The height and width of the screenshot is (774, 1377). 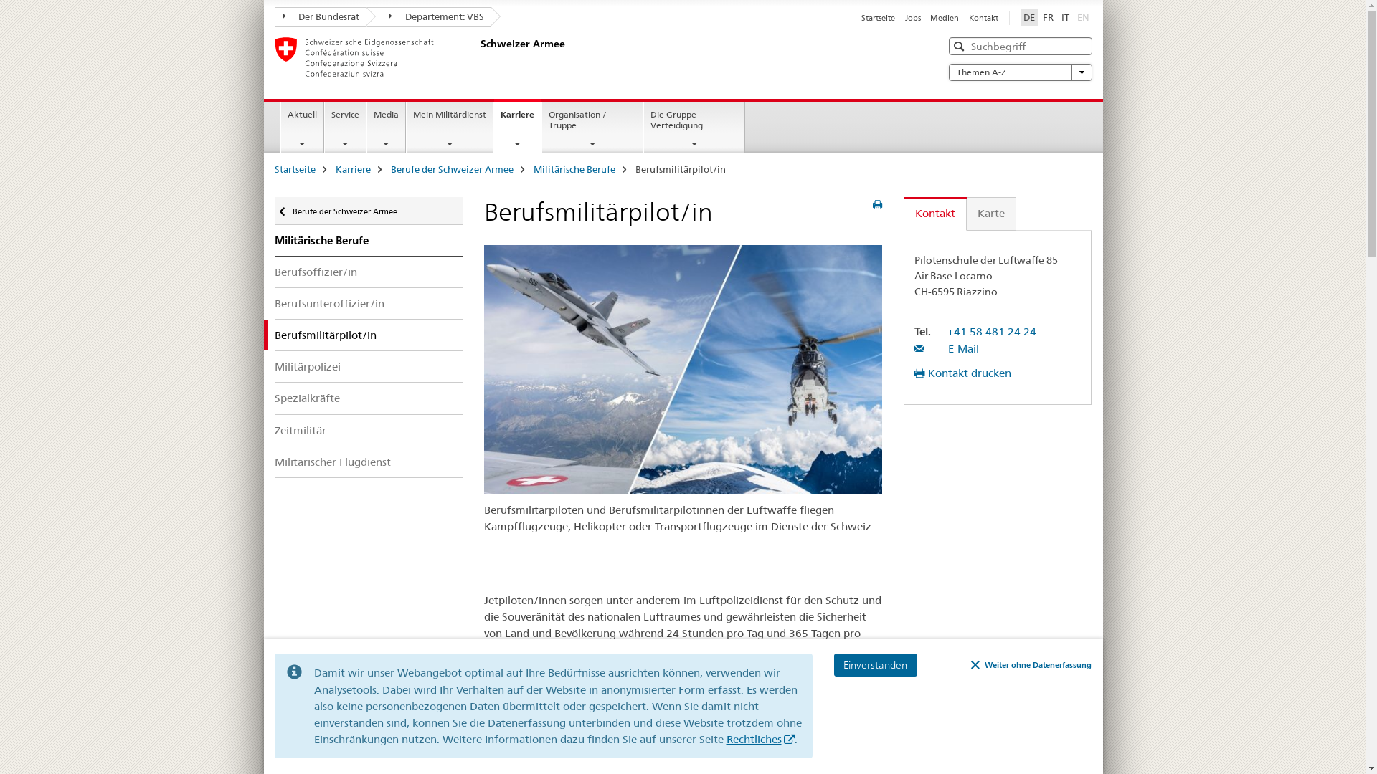 I want to click on 'Karriere, so click(x=516, y=125).